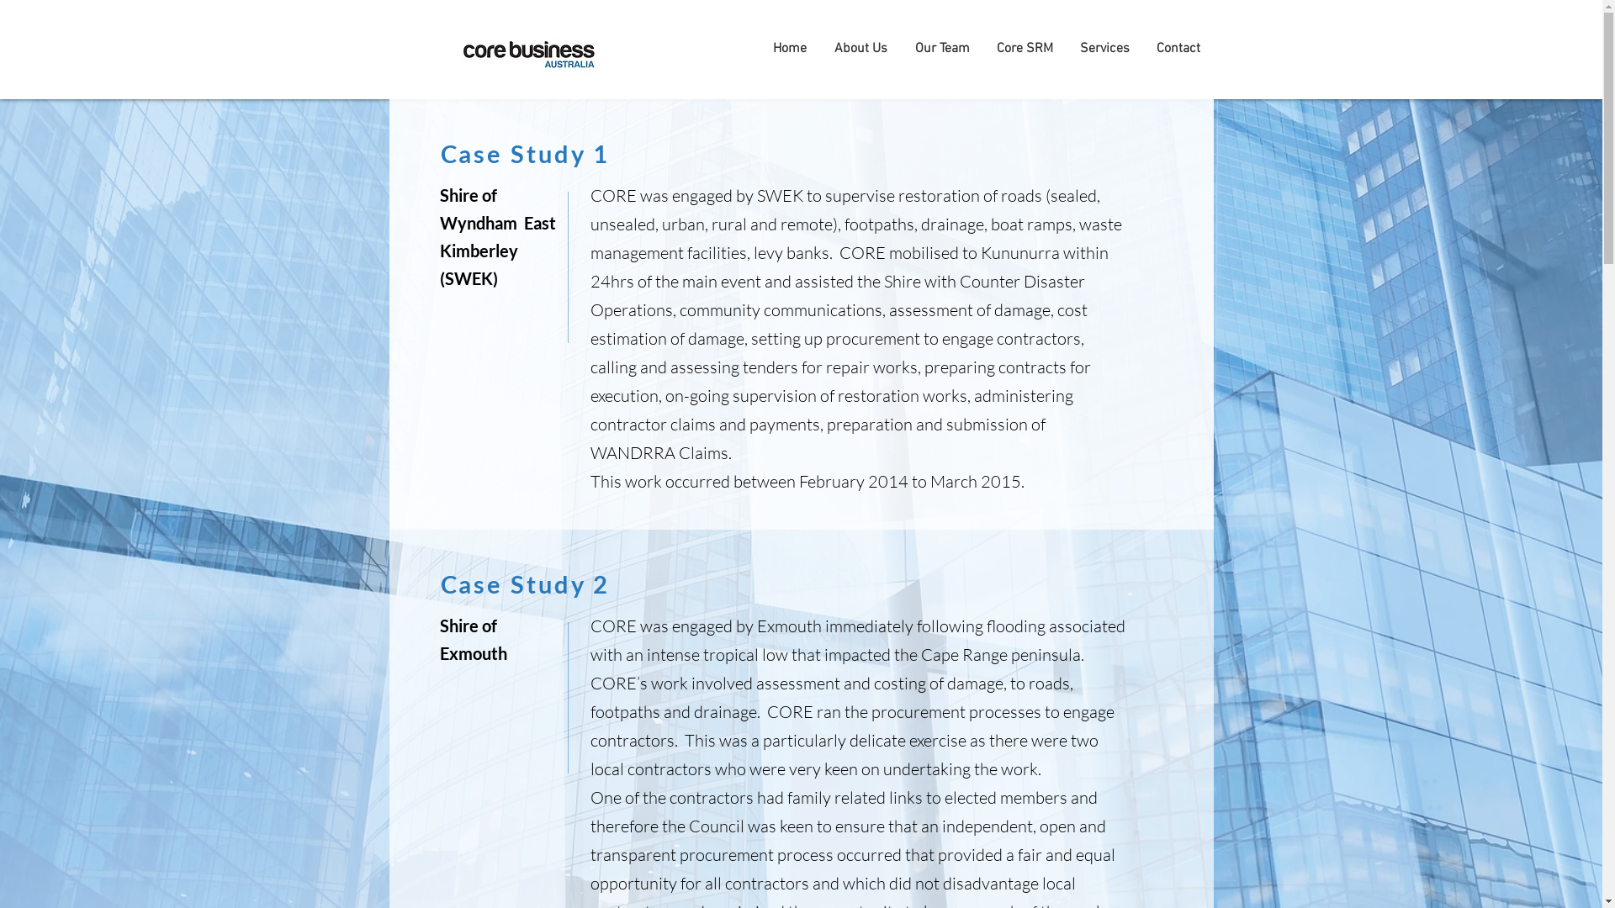 The height and width of the screenshot is (908, 1615). I want to click on 'Services', so click(1065, 48).